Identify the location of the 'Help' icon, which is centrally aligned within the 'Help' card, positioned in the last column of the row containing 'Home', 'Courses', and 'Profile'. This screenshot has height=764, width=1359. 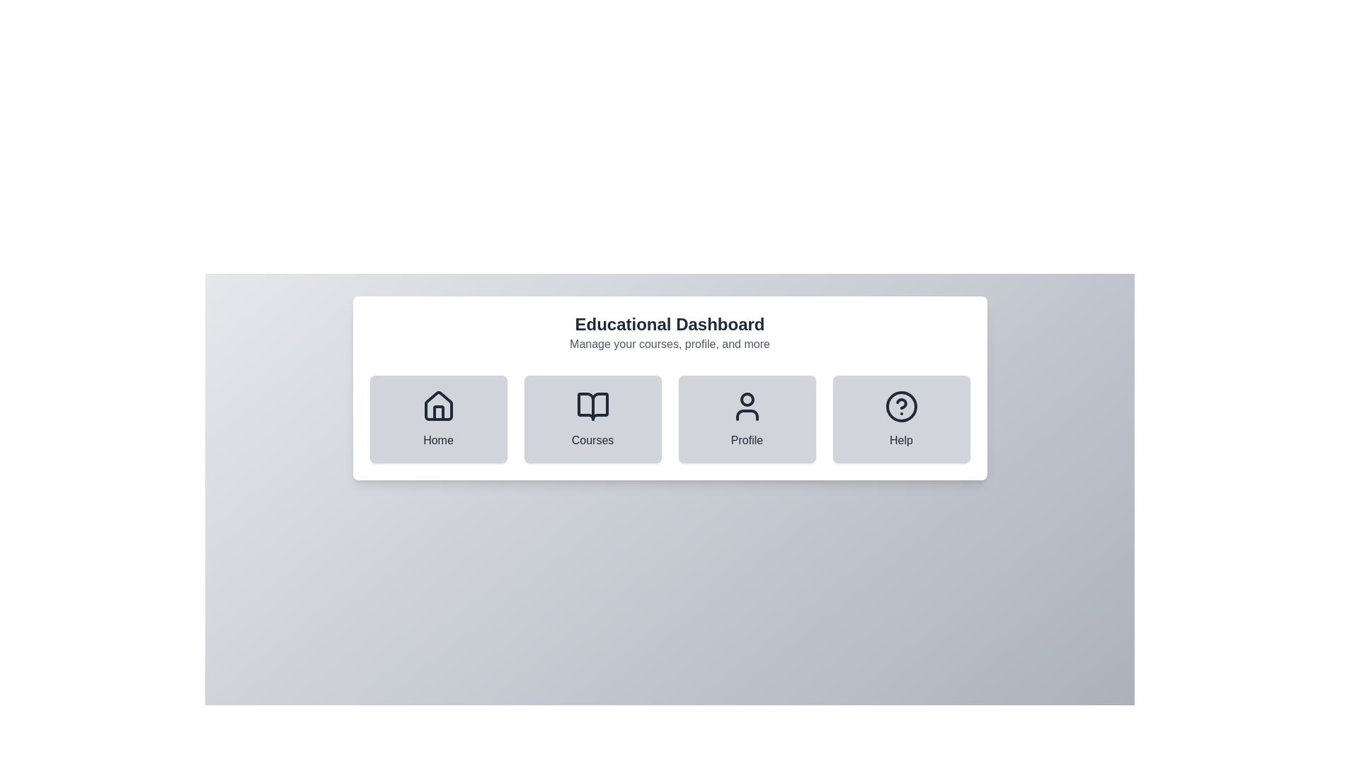
(900, 406).